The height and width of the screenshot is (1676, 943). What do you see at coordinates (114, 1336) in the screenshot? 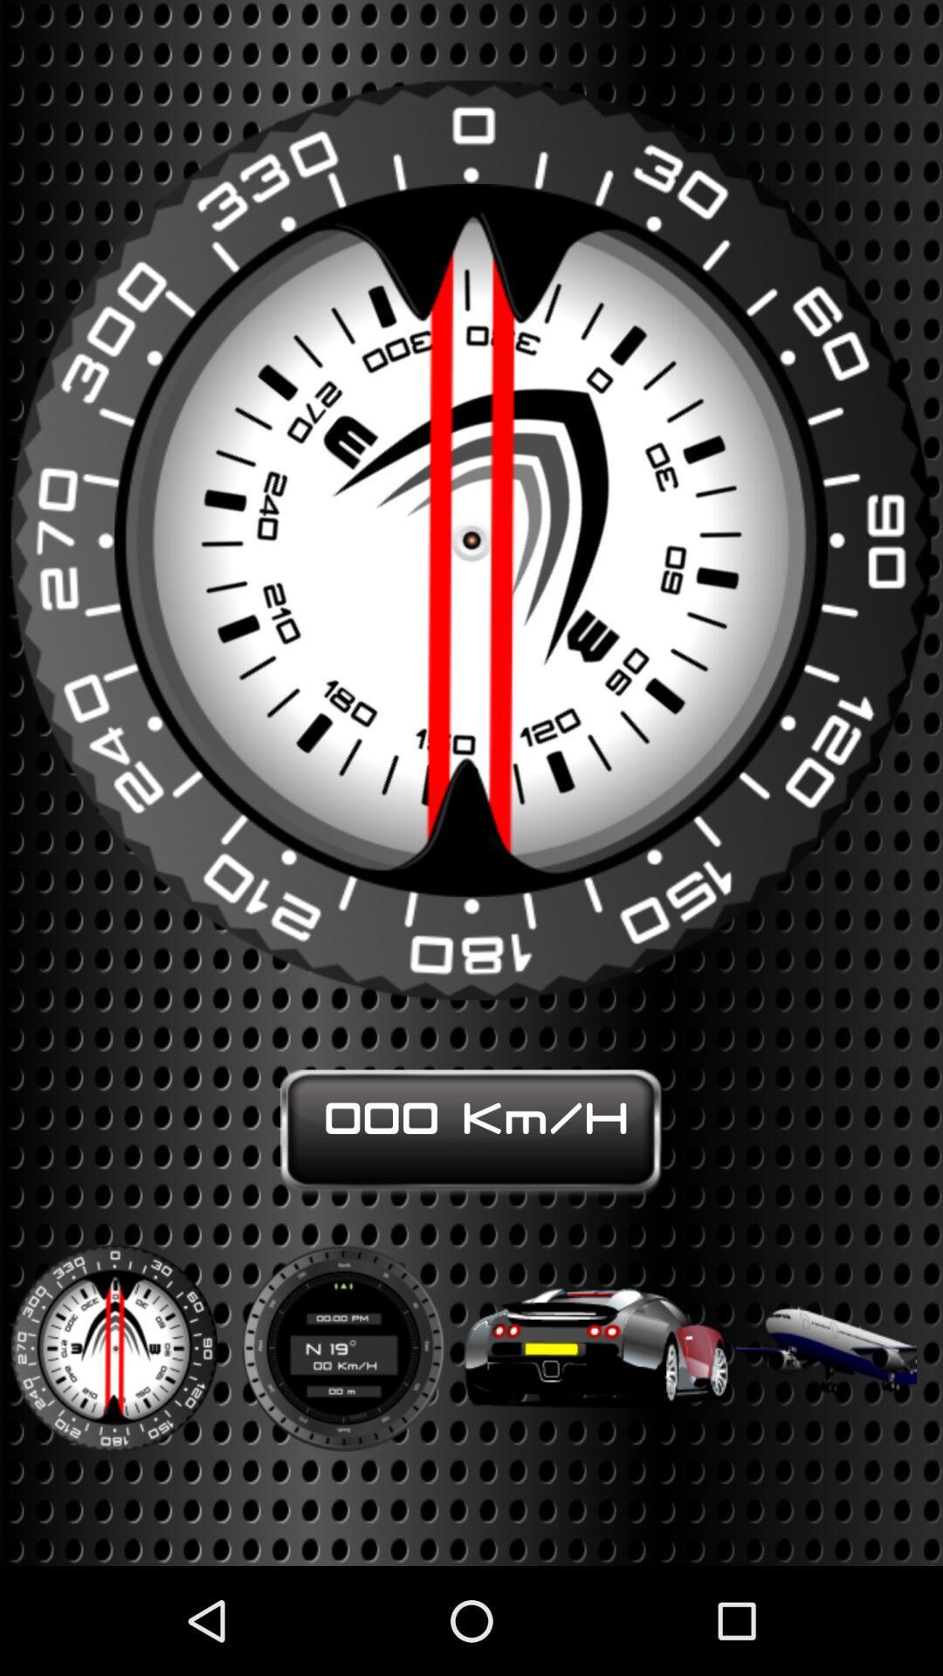
I see `the item at the bottom left corner` at bounding box center [114, 1336].